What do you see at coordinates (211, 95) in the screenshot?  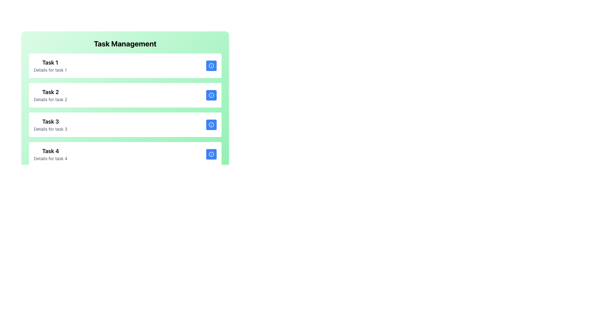 I see `the information icon located in the third row under 'Task Management'` at bounding box center [211, 95].